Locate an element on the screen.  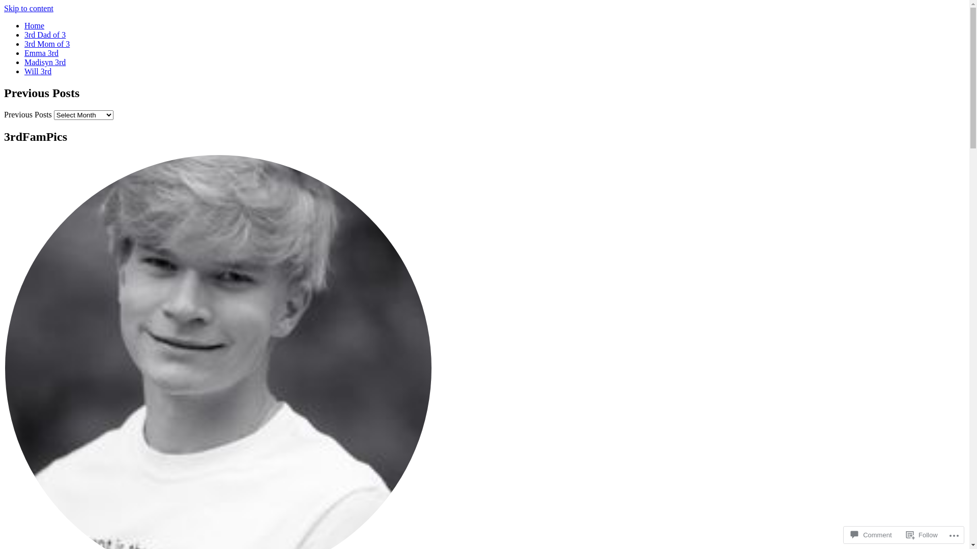
'Skip to content' is located at coordinates (28, 8).